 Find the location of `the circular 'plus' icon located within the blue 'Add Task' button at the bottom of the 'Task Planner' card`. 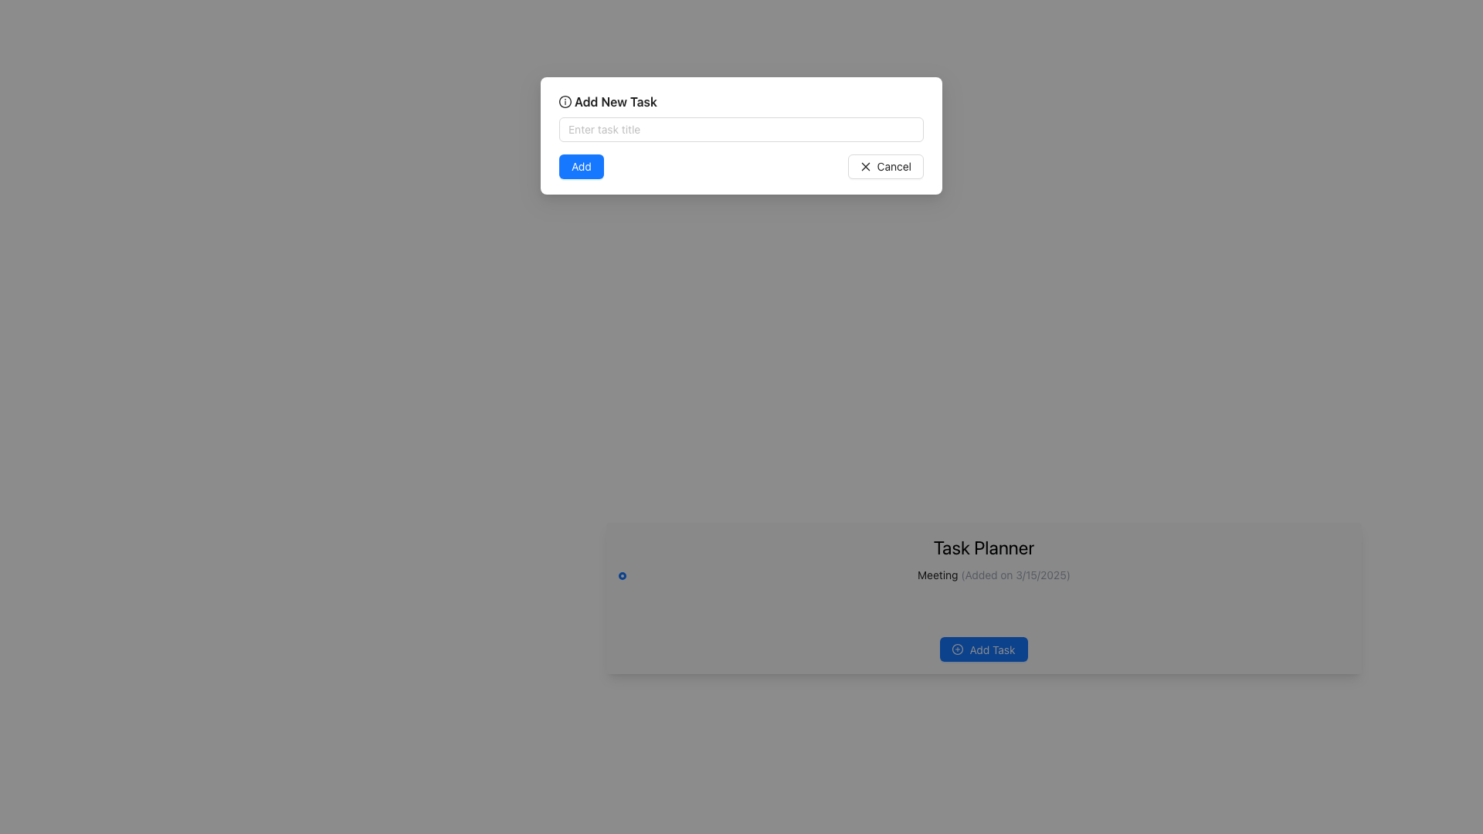

the circular 'plus' icon located within the blue 'Add Task' button at the bottom of the 'Task Planner' card is located at coordinates (957, 649).